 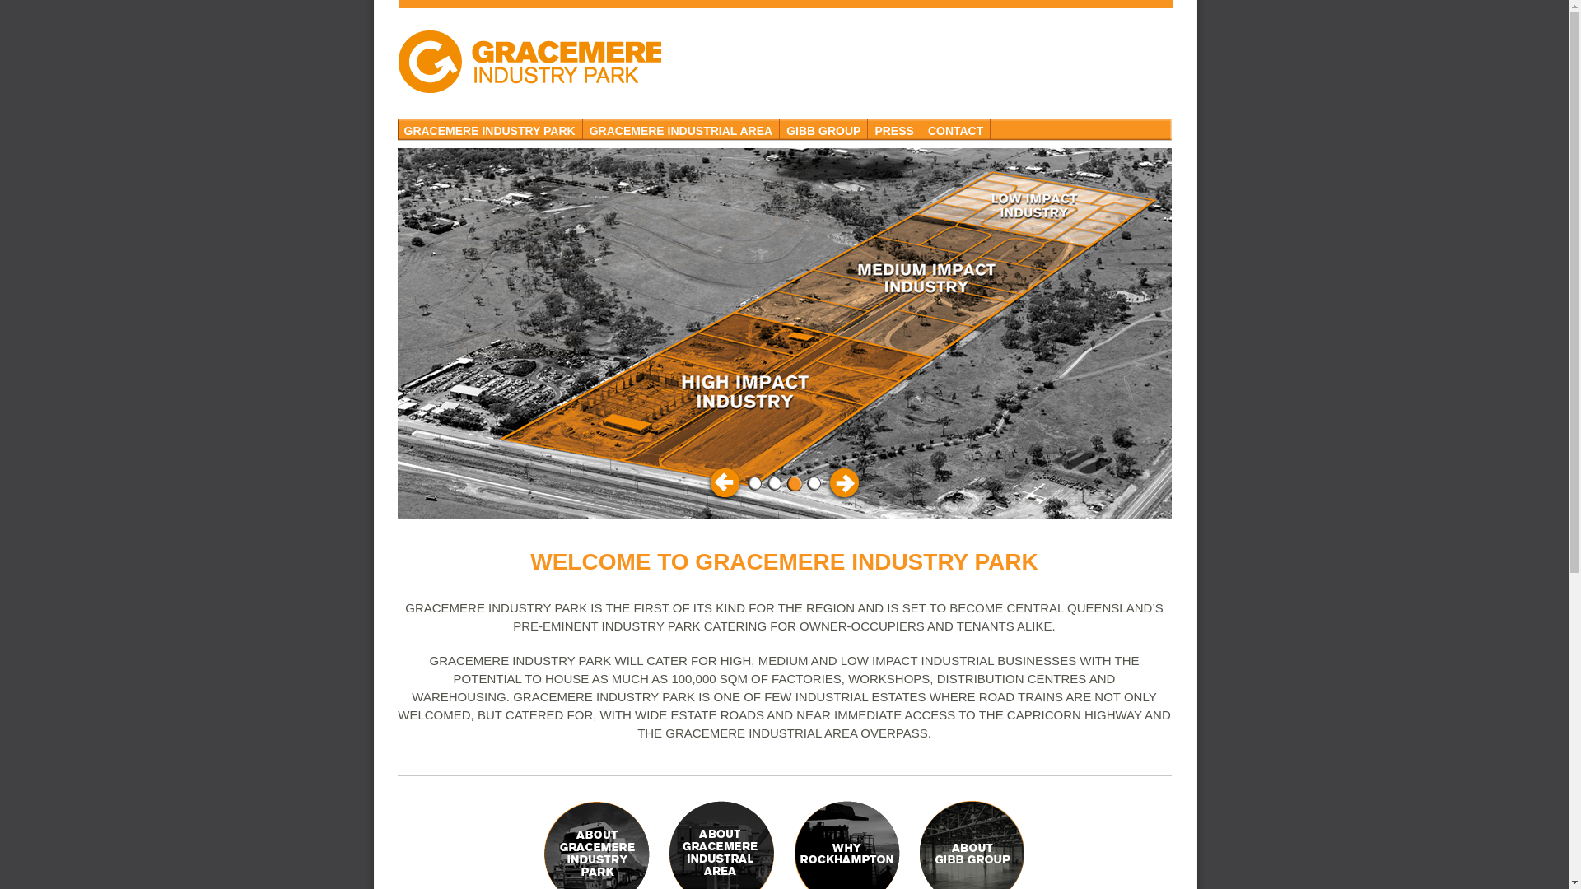 What do you see at coordinates (529, 60) in the screenshot?
I see `'Gracemere Industry Park'` at bounding box center [529, 60].